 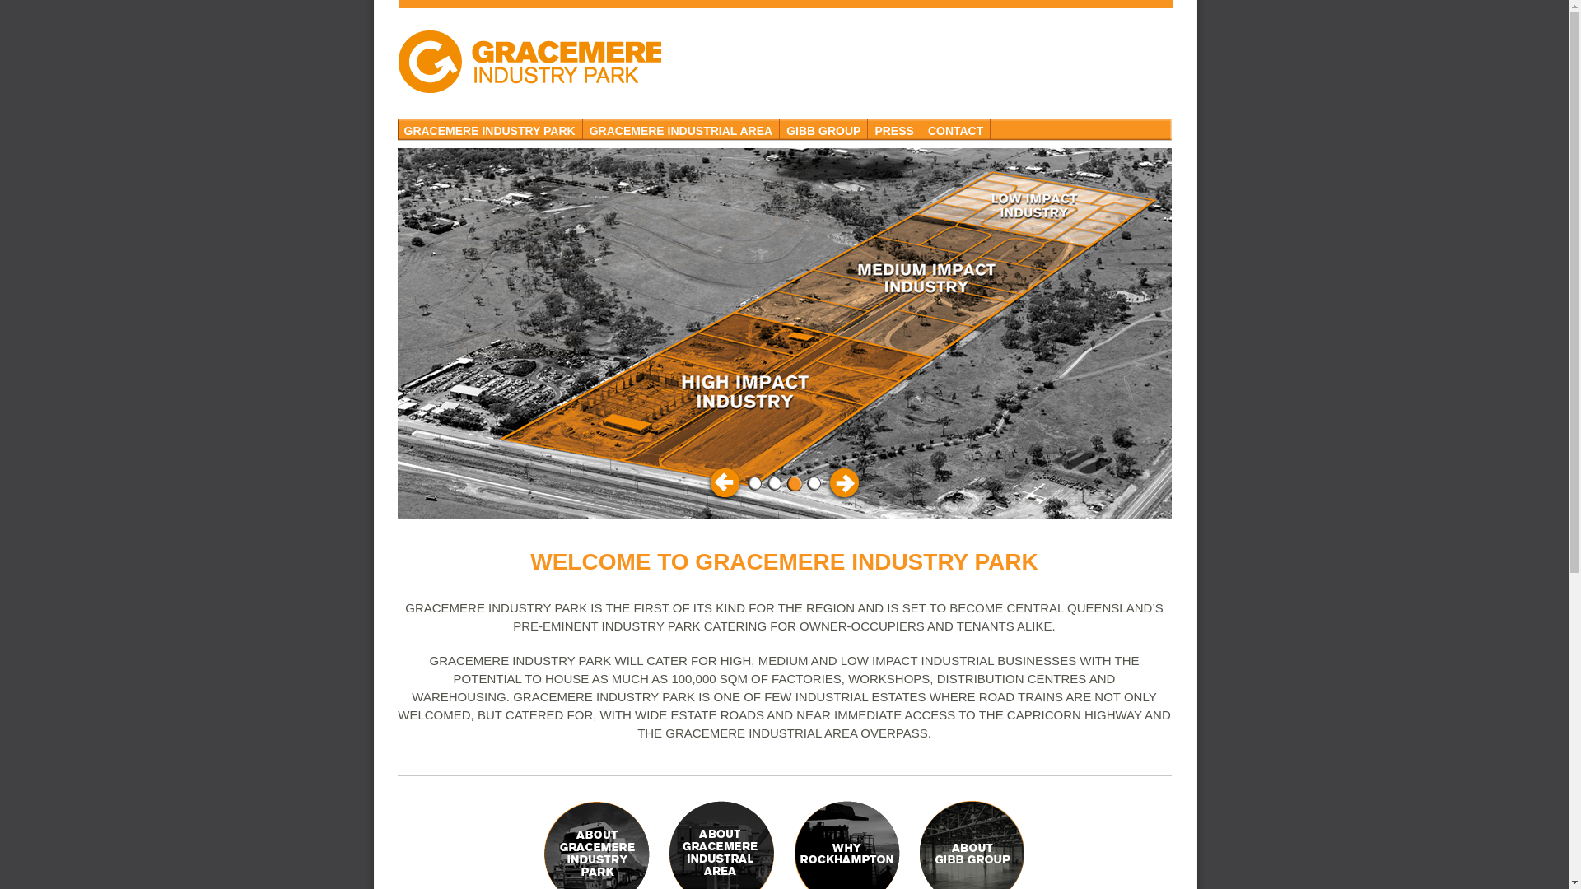 What do you see at coordinates (529, 60) in the screenshot?
I see `'Gracemere Industry Park'` at bounding box center [529, 60].